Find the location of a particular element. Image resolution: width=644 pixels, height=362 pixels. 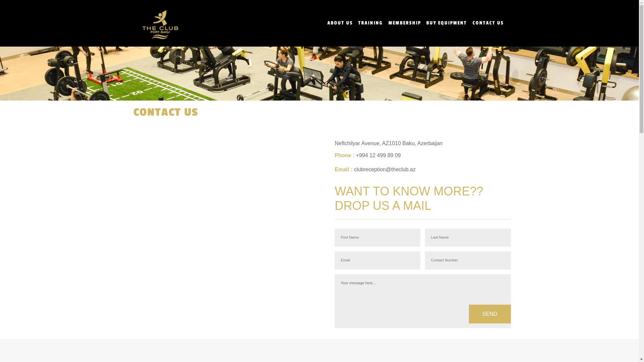

'Skip to content' is located at coordinates (17, 4).